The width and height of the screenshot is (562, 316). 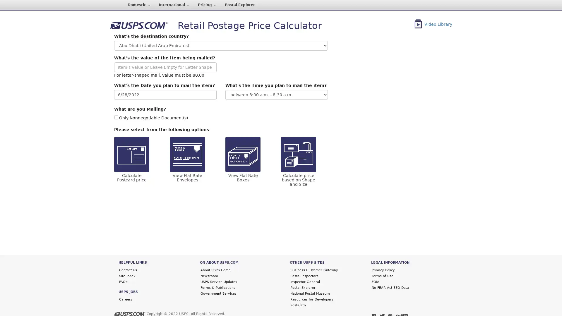 What do you see at coordinates (131, 154) in the screenshot?
I see `Calculate Postcard price` at bounding box center [131, 154].